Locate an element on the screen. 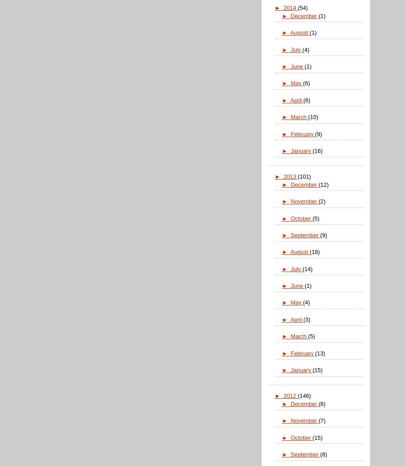  '(13)' is located at coordinates (319, 353).